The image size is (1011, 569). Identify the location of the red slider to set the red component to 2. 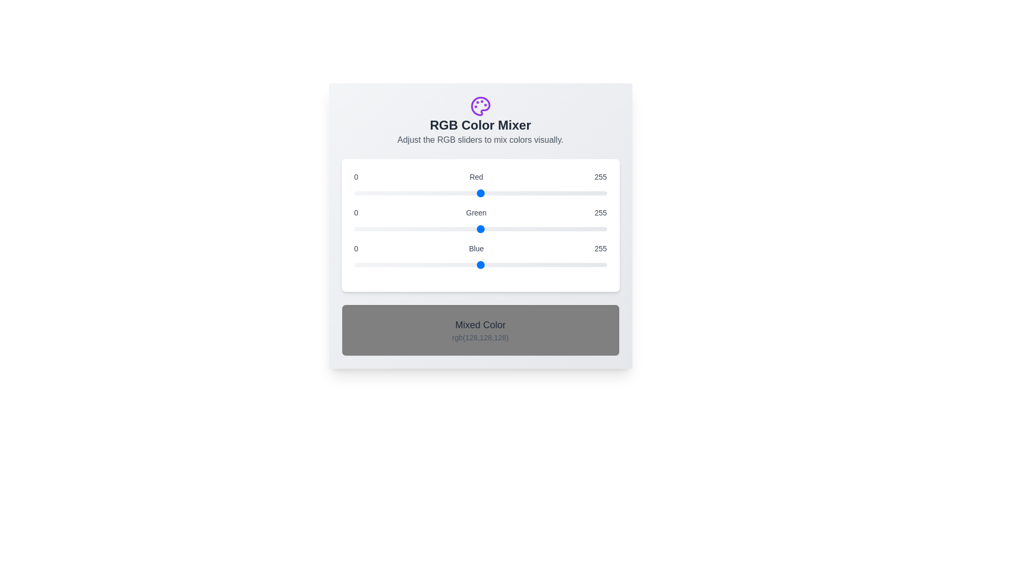
(356, 193).